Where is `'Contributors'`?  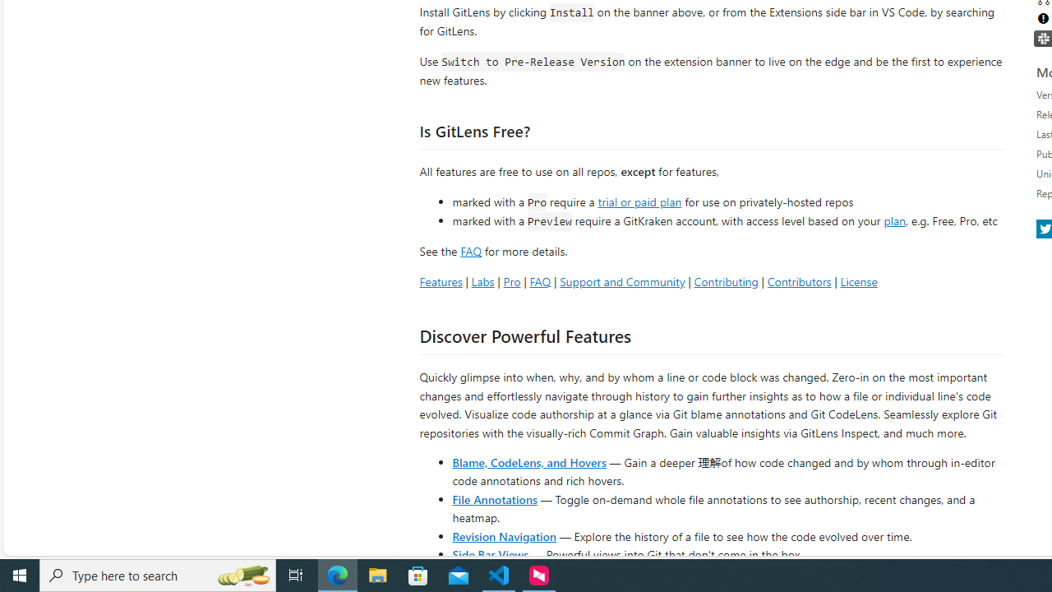
'Contributors' is located at coordinates (799, 280).